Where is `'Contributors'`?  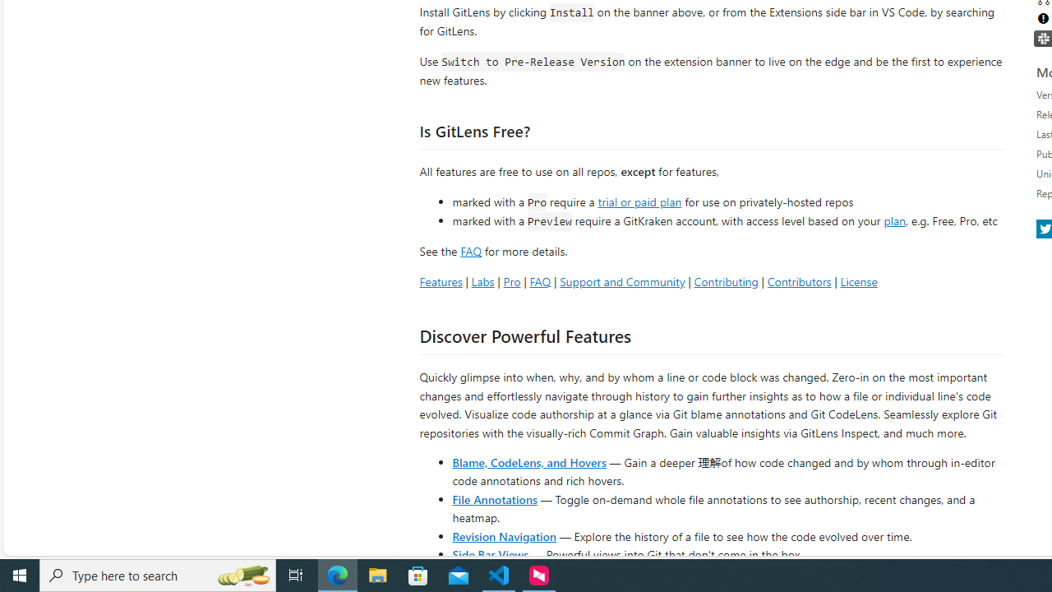
'Contributors' is located at coordinates (799, 280).